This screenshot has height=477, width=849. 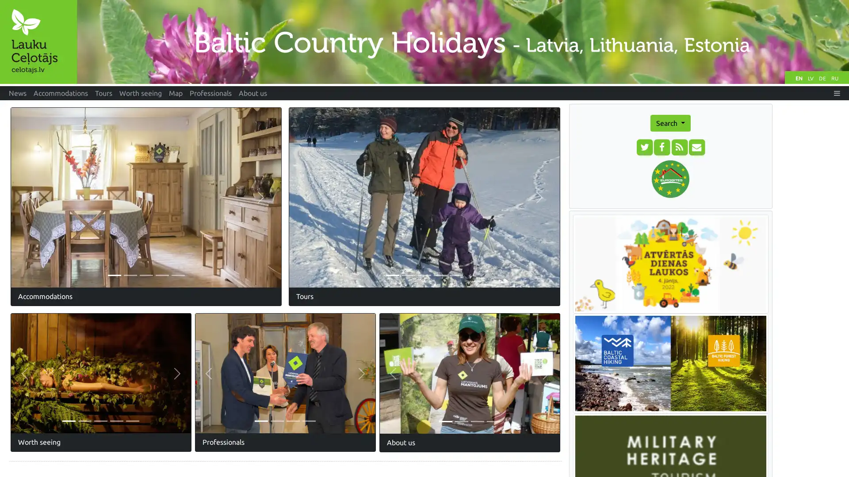 What do you see at coordinates (310, 197) in the screenshot?
I see `Previous` at bounding box center [310, 197].